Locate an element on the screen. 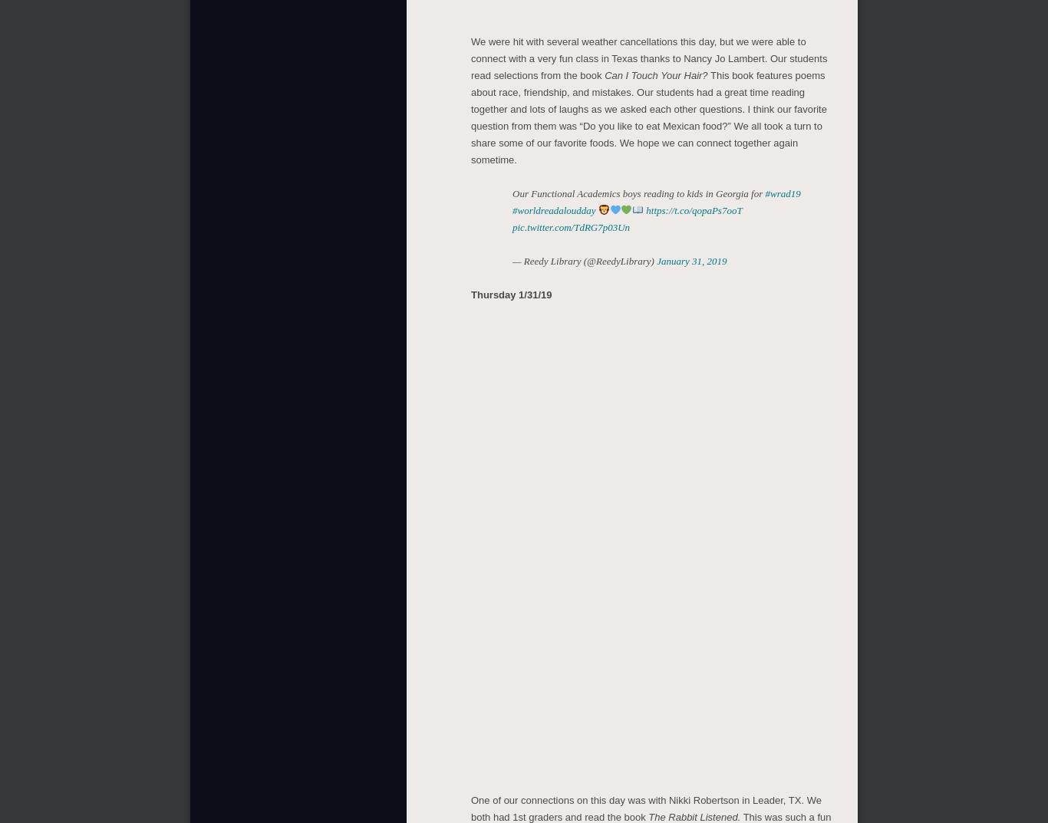  '#wrad19' is located at coordinates (765, 189).